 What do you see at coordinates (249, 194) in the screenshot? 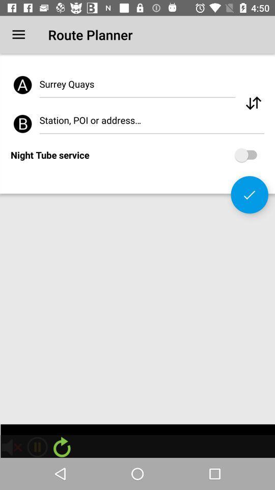
I see `done` at bounding box center [249, 194].